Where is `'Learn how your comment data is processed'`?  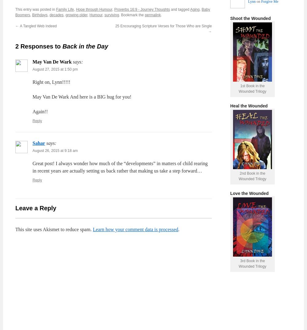 'Learn how your comment data is processed' is located at coordinates (135, 229).